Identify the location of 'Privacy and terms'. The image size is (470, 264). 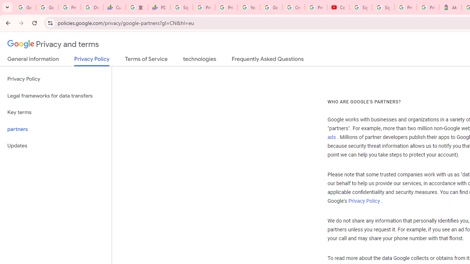
(53, 44).